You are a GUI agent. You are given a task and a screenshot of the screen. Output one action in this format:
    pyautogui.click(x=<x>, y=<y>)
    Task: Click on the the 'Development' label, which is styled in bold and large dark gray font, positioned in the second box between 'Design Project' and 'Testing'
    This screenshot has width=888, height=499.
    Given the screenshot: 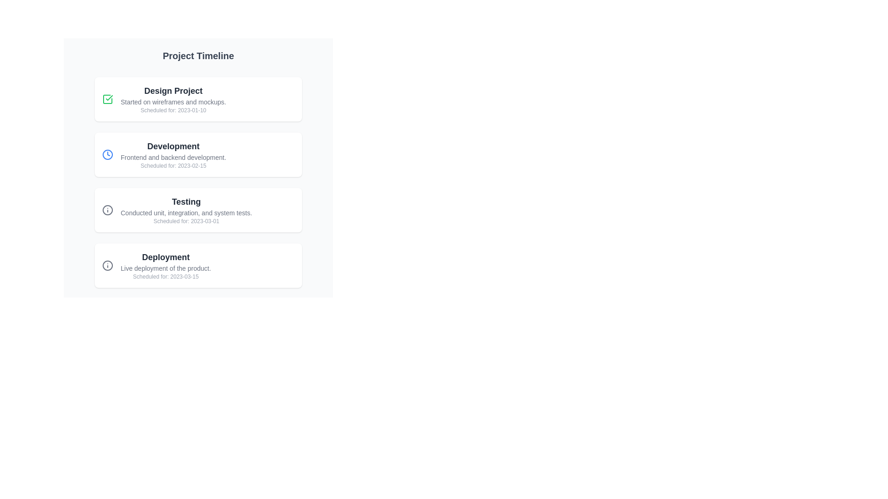 What is the action you would take?
    pyautogui.click(x=173, y=146)
    